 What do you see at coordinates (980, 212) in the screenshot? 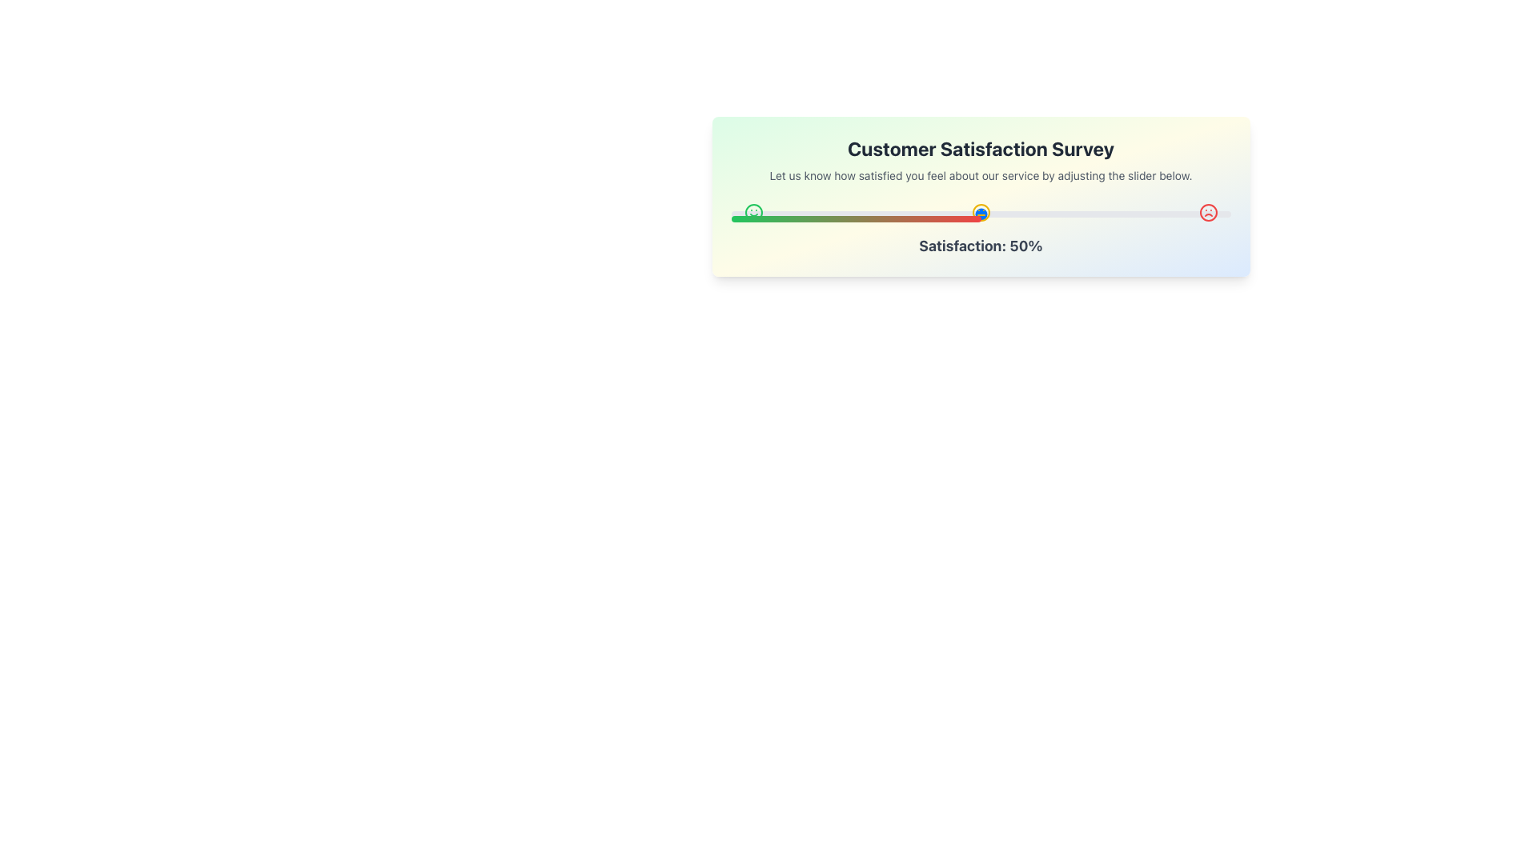
I see `the satisfaction level associated with the neutral face icon in the satisfaction slider UI, which is positioned centrally between the green smiling face and the red frowning face` at bounding box center [980, 212].